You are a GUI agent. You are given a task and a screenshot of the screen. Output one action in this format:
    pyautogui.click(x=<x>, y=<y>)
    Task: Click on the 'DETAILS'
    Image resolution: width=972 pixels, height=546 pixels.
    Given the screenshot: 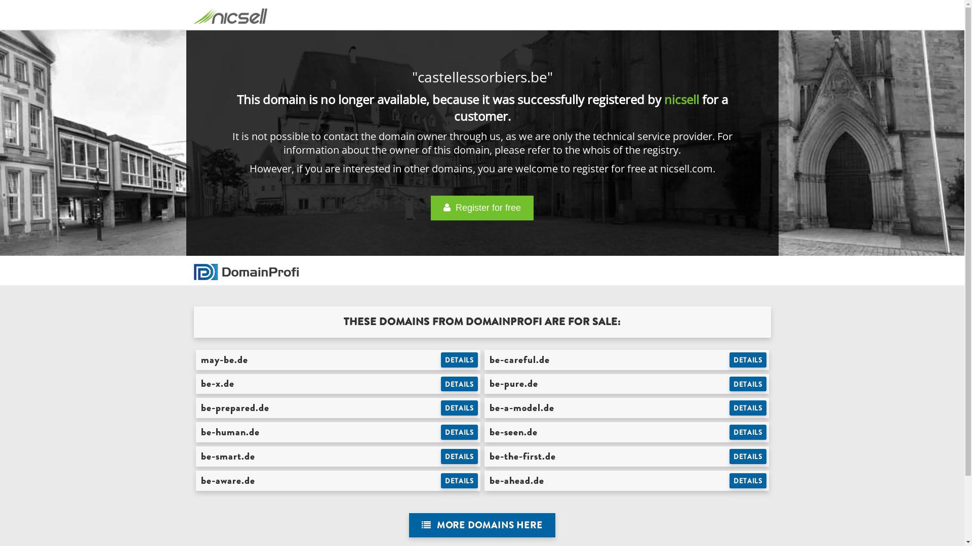 What is the action you would take?
    pyautogui.click(x=459, y=432)
    